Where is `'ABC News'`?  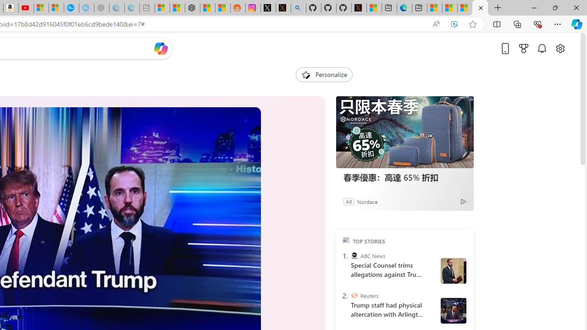
'ABC News' is located at coordinates (354, 256).